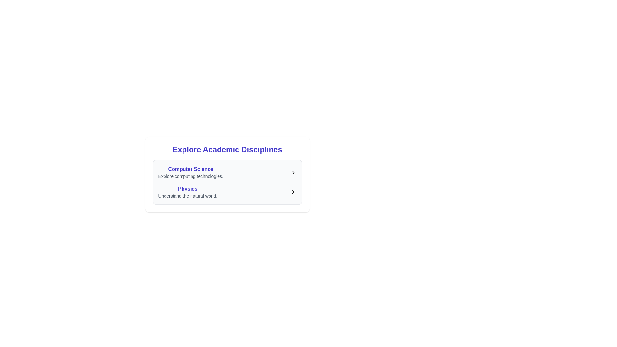 Image resolution: width=617 pixels, height=347 pixels. Describe the element at coordinates (293, 191) in the screenshot. I see `the chevron icon that serves as a navigation cue for users to proceed to a more detailed view related to 'Physics.'` at that location.